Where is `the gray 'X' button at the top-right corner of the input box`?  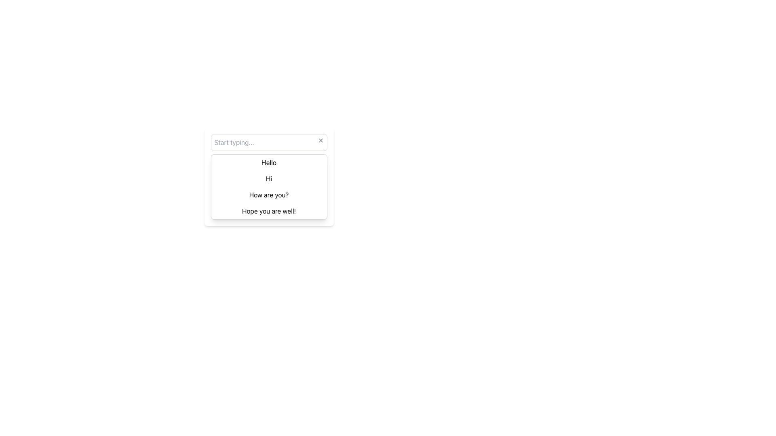 the gray 'X' button at the top-right corner of the input box is located at coordinates (320, 140).